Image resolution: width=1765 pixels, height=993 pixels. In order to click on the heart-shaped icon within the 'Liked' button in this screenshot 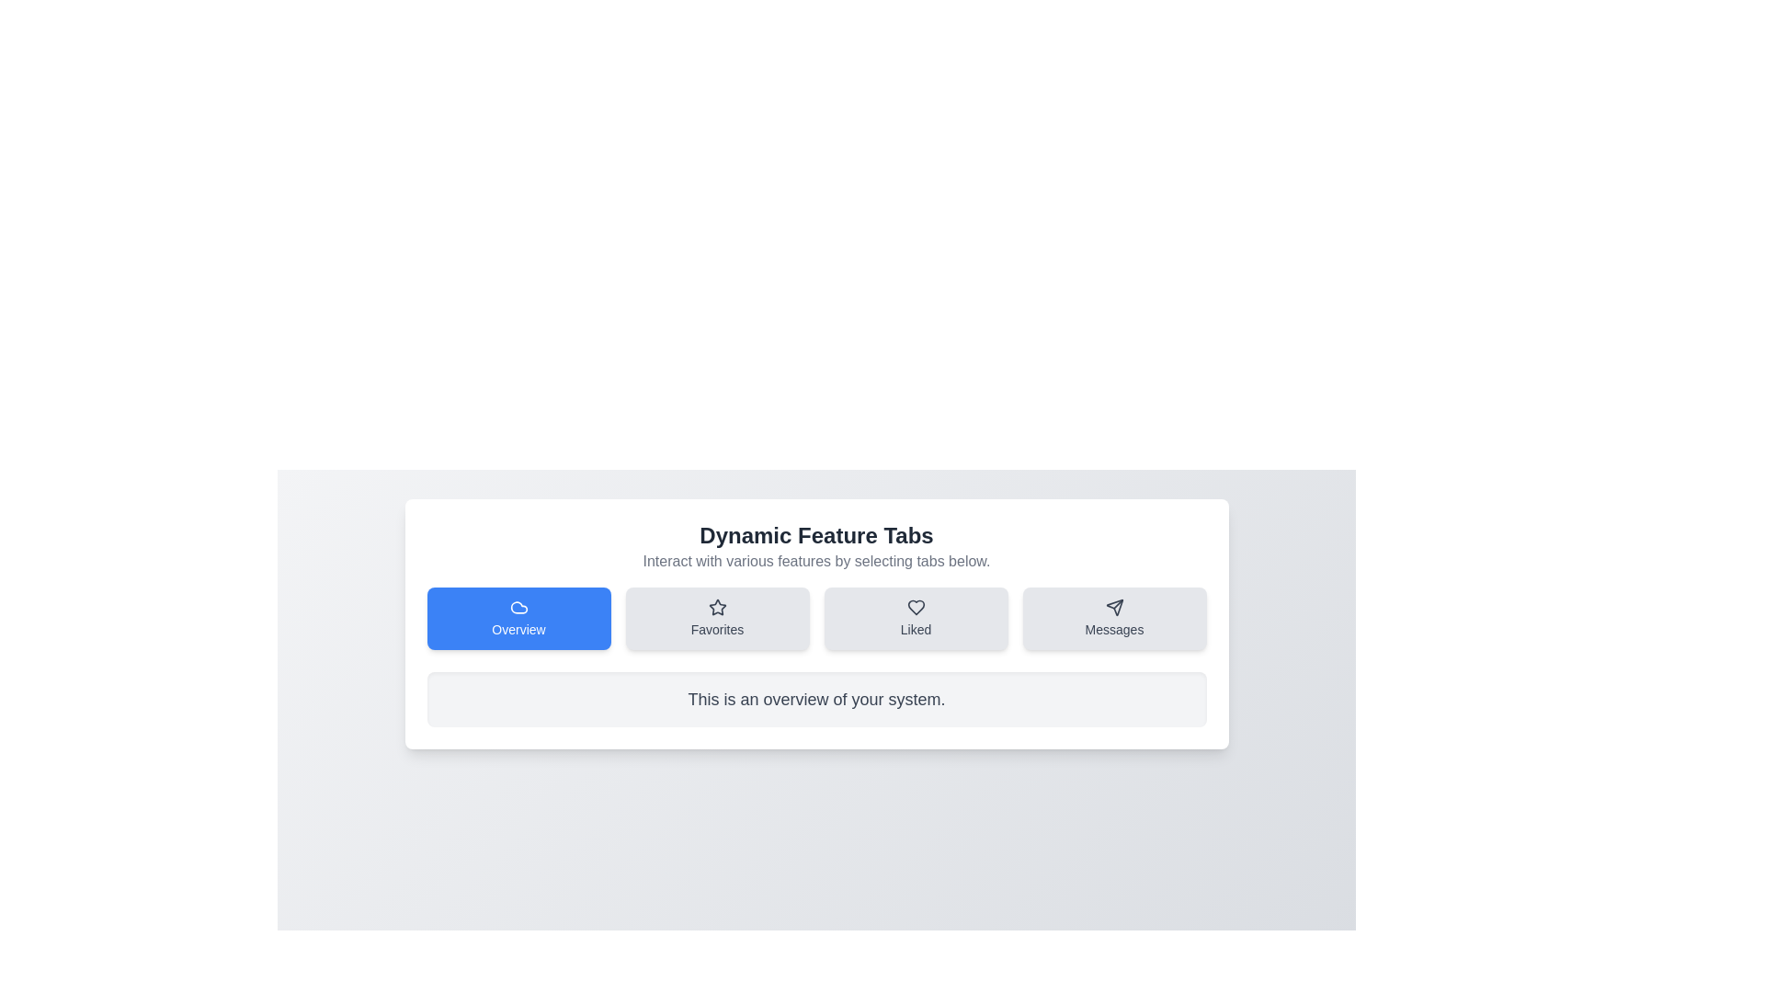, I will do `click(916, 607)`.